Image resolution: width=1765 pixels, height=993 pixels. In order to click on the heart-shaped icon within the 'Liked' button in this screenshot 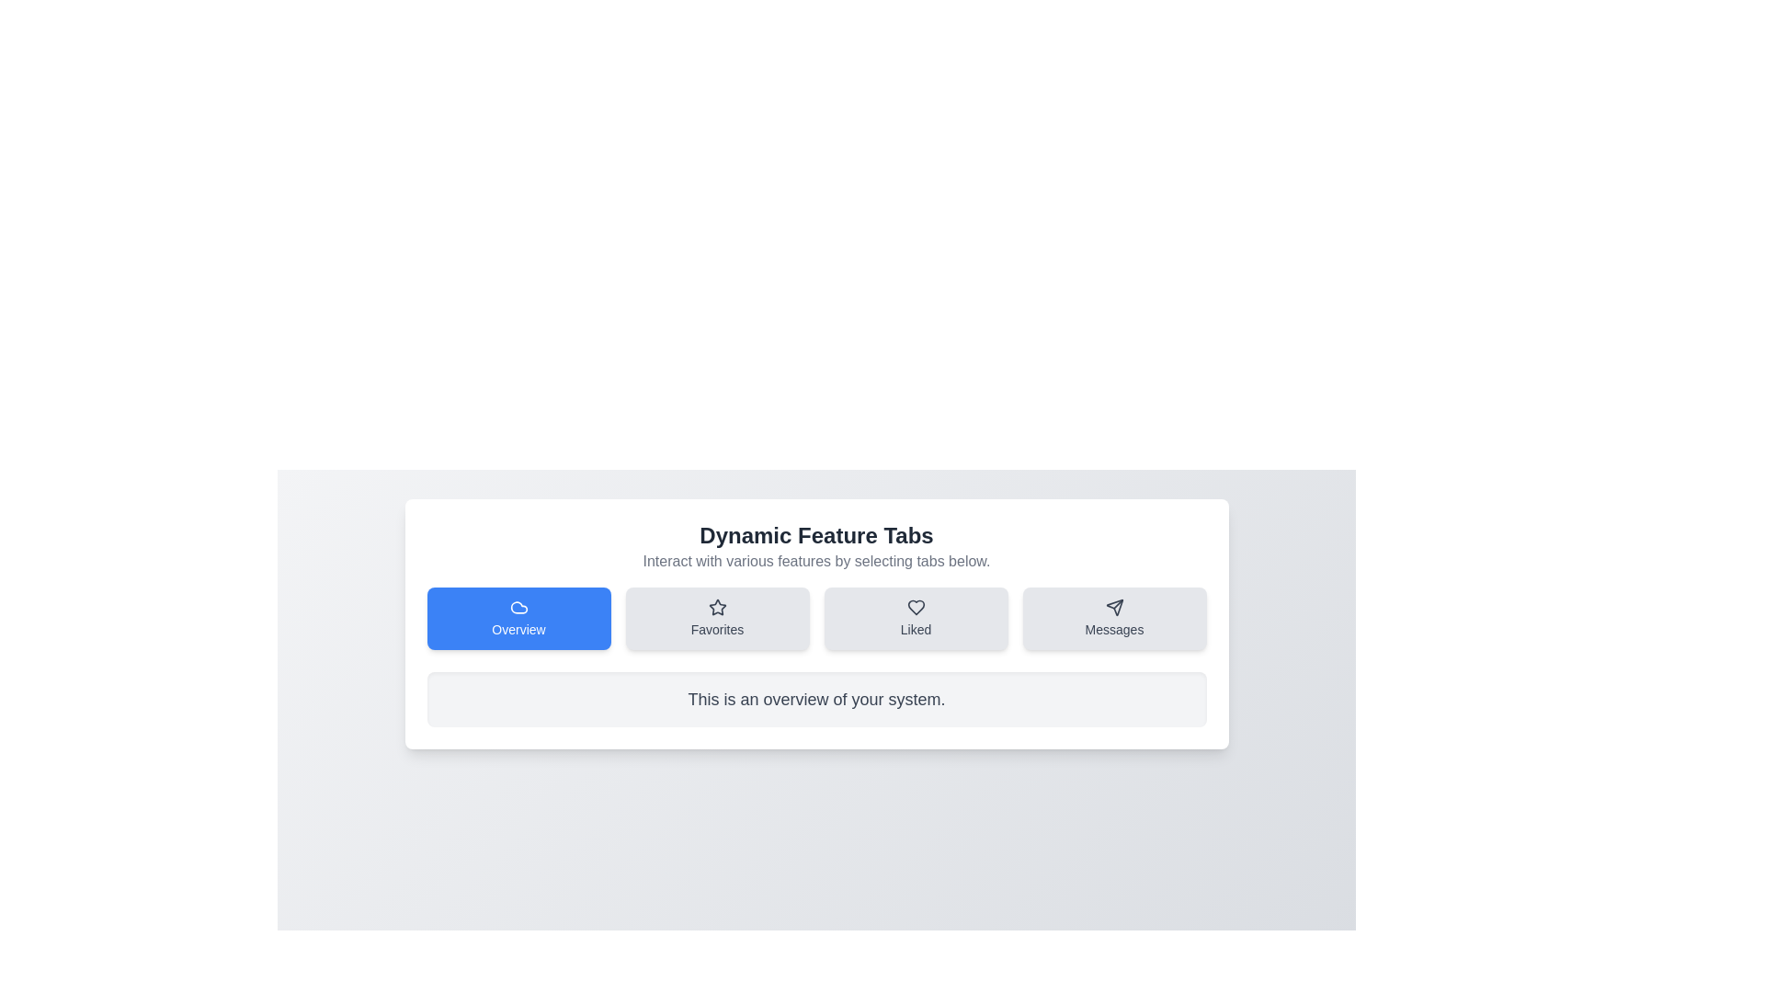, I will do `click(916, 607)`.